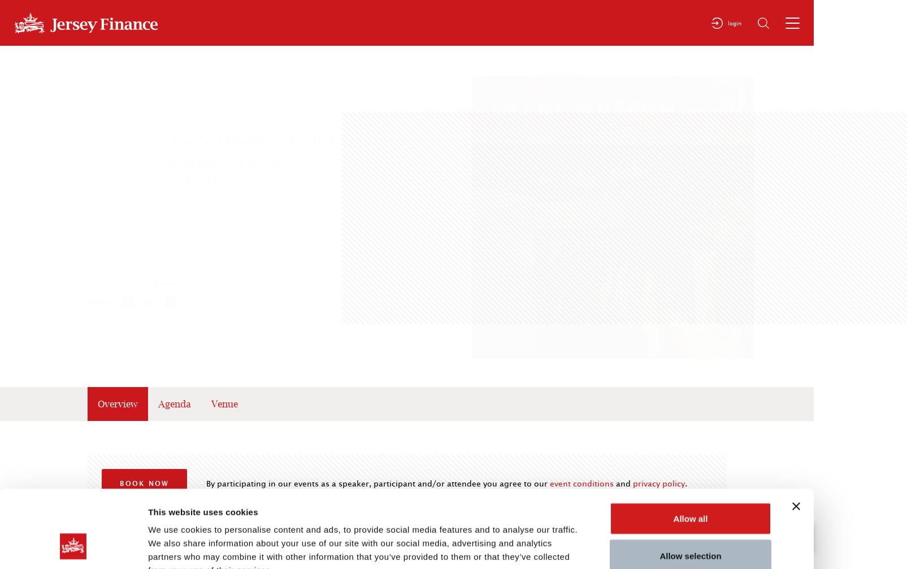  Describe the element at coordinates (117, 403) in the screenshot. I see `'Overview'` at that location.